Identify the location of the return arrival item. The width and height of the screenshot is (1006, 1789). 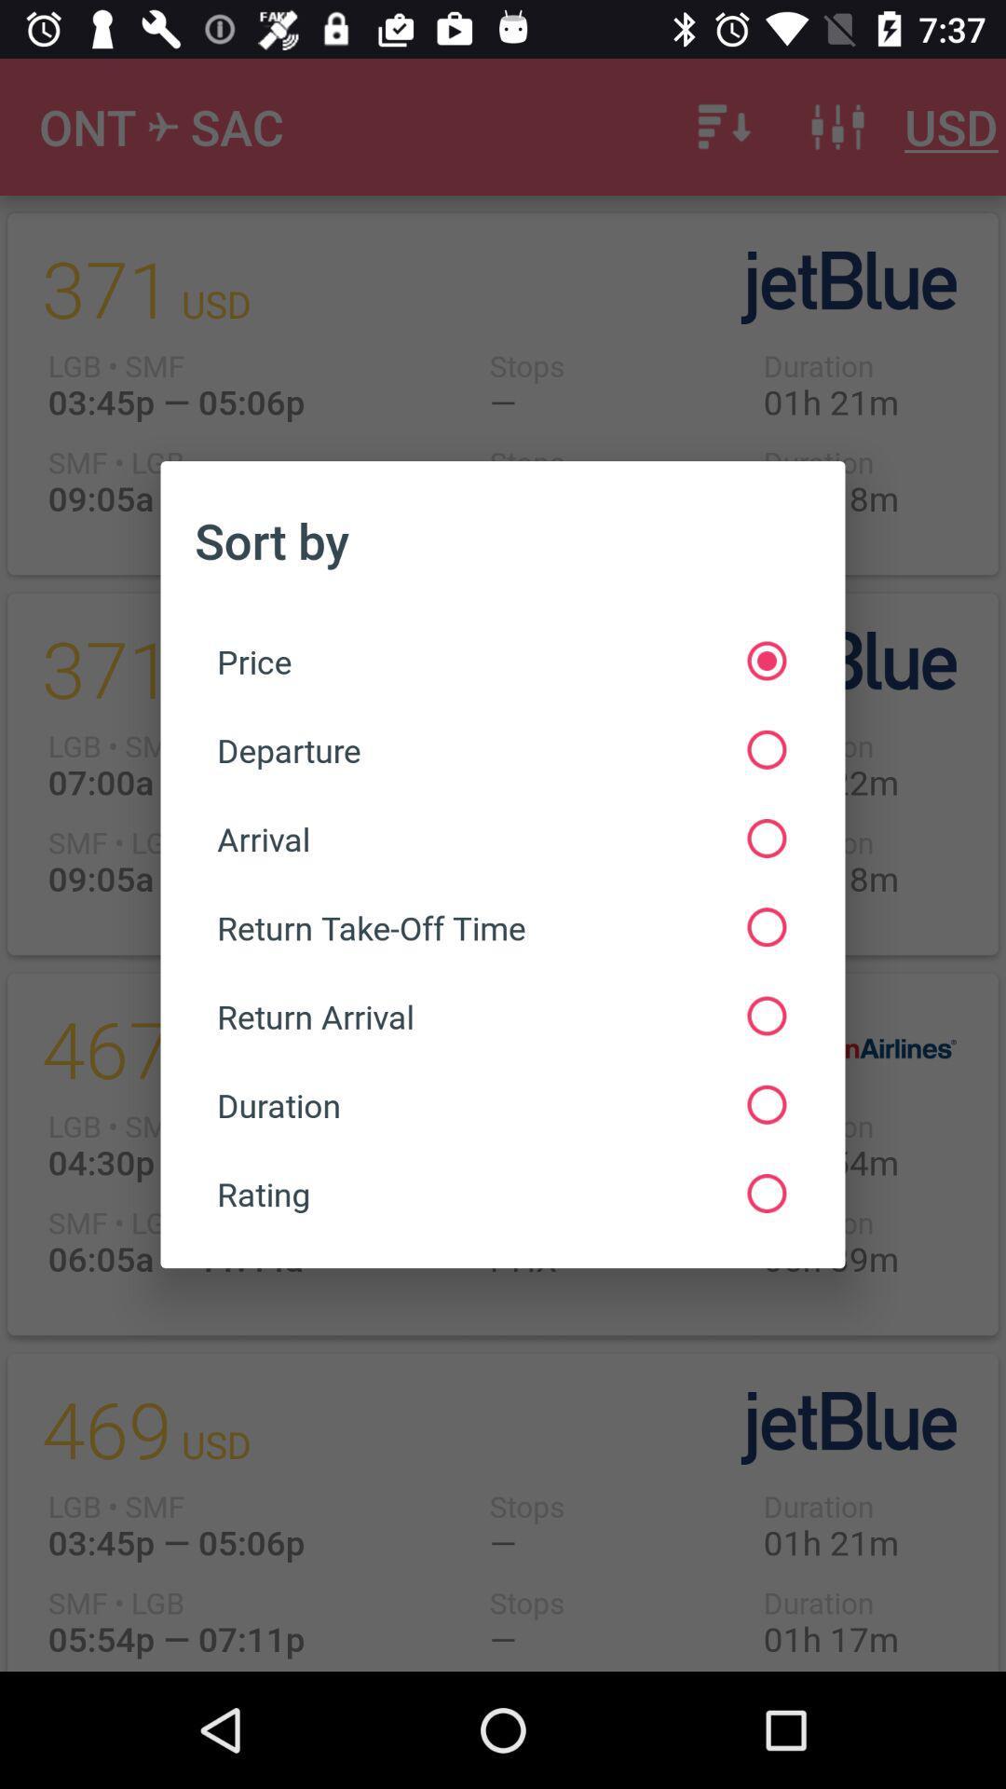
(500, 1015).